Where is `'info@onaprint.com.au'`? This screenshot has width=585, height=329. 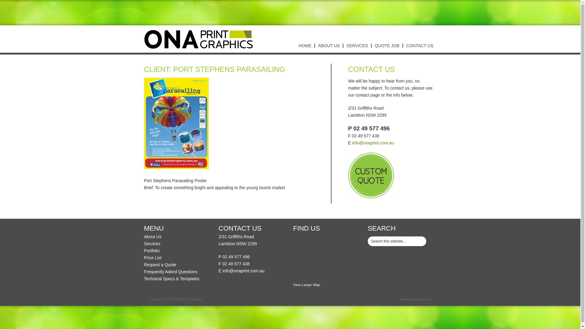
'info@onaprint.com.au' is located at coordinates (222, 270).